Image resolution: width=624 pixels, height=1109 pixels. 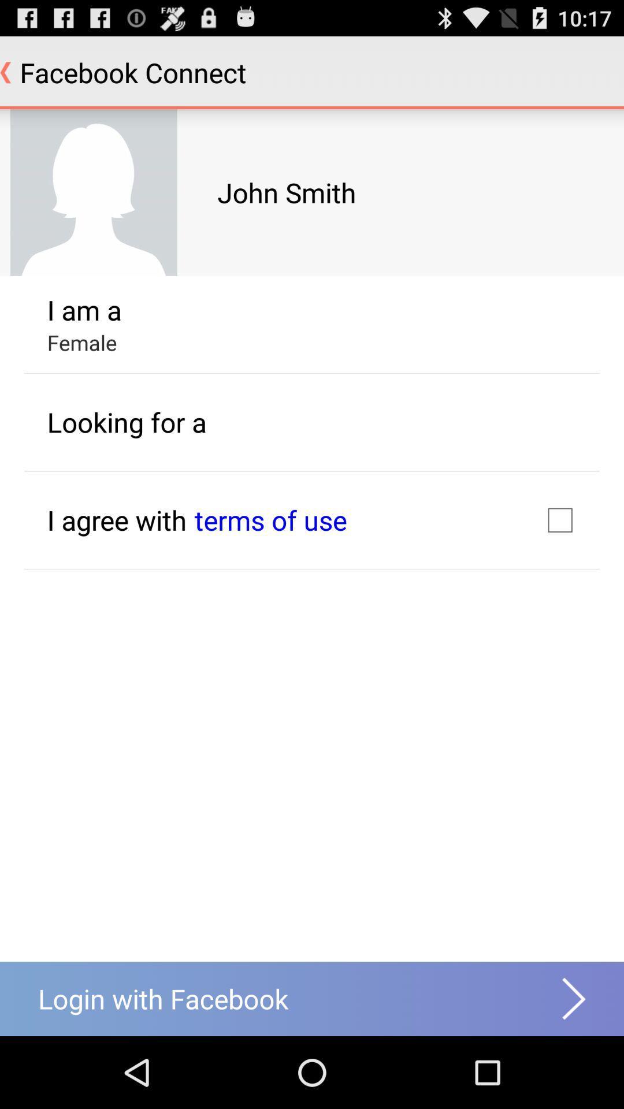 I want to click on icon next to i agree with item, so click(x=270, y=519).